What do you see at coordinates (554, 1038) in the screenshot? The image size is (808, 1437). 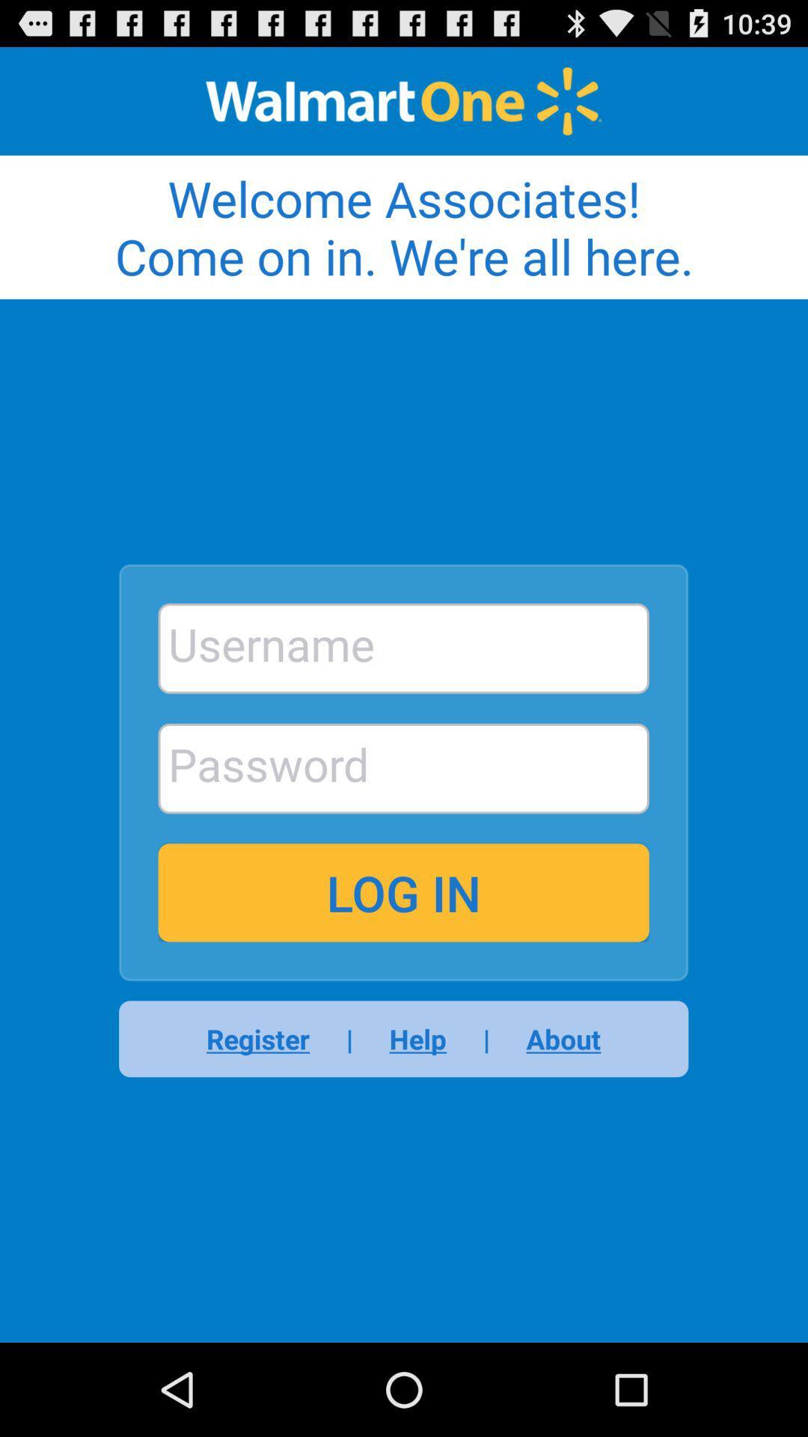 I see `the item below log in icon` at bounding box center [554, 1038].